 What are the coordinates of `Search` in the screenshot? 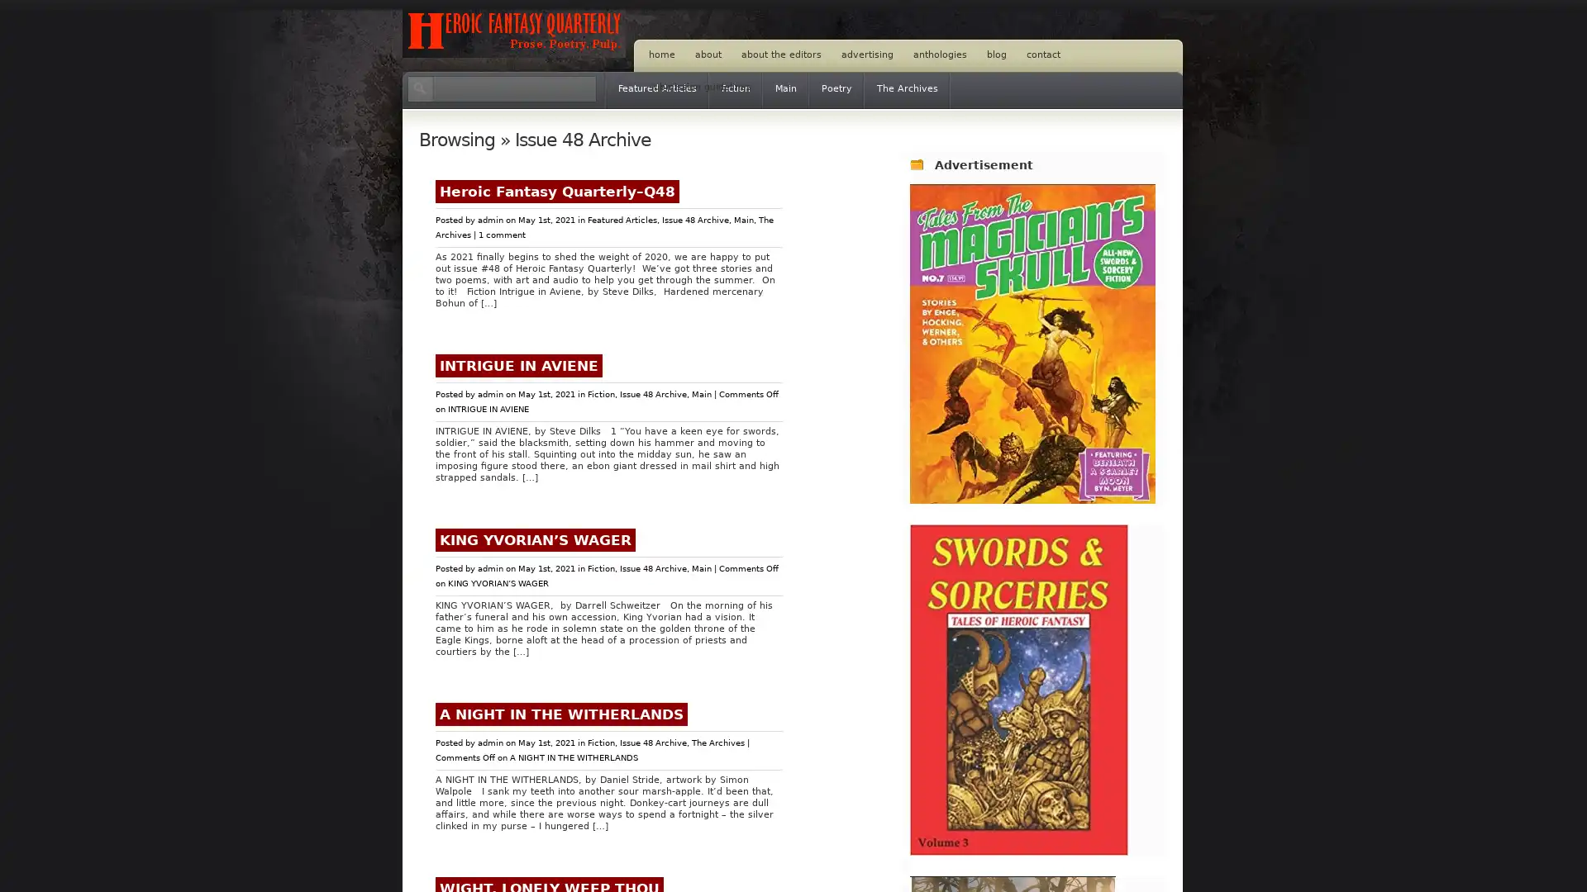 It's located at (420, 89).